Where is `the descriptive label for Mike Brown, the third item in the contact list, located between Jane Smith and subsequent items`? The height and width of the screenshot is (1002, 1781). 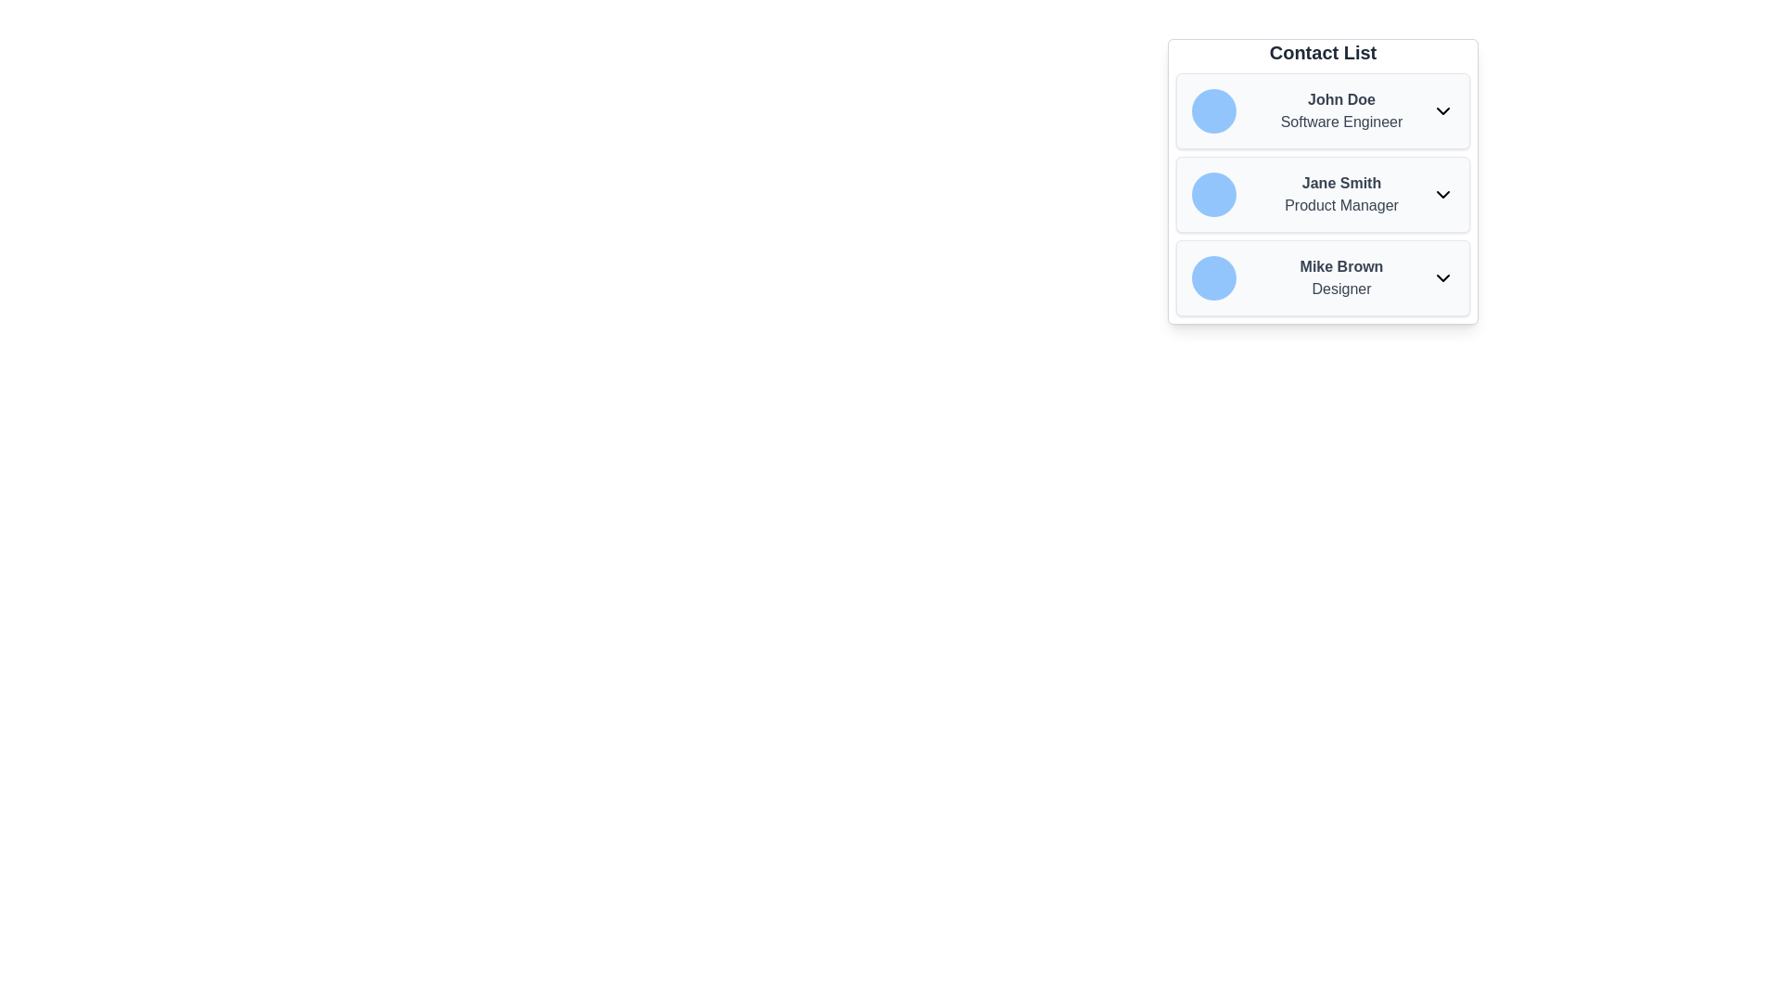
the descriptive label for Mike Brown, the third item in the contact list, located between Jane Smith and subsequent items is located at coordinates (1341, 278).